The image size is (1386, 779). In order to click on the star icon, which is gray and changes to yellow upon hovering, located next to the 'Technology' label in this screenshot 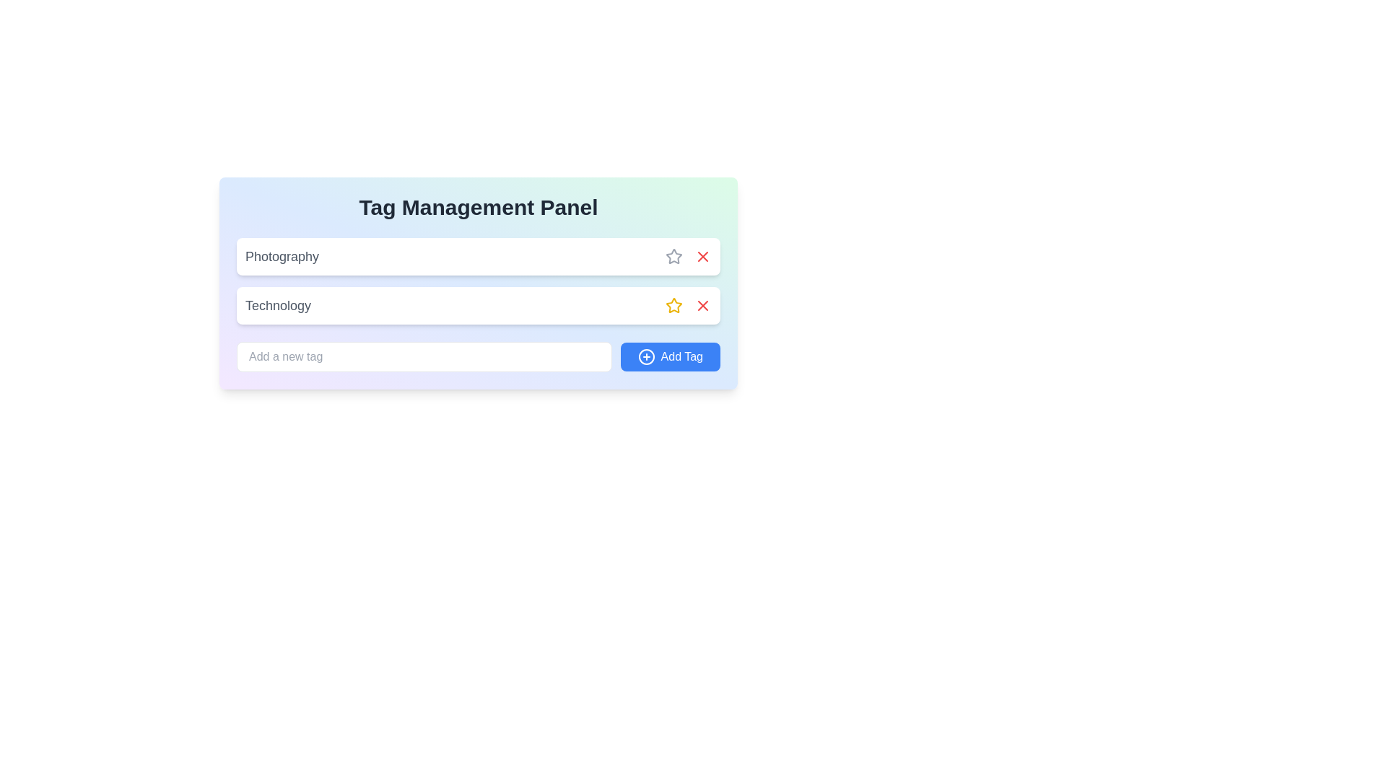, I will do `click(674, 255)`.